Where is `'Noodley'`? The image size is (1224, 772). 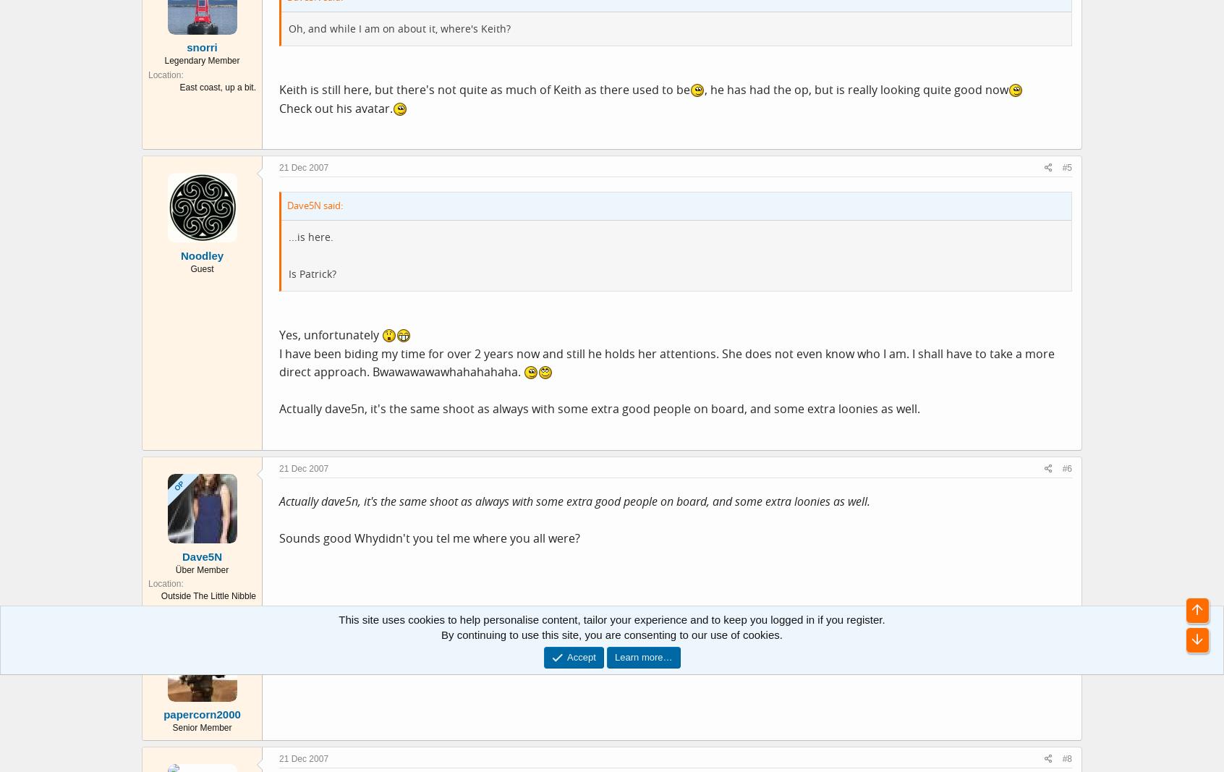
'Noodley' is located at coordinates (202, 255).